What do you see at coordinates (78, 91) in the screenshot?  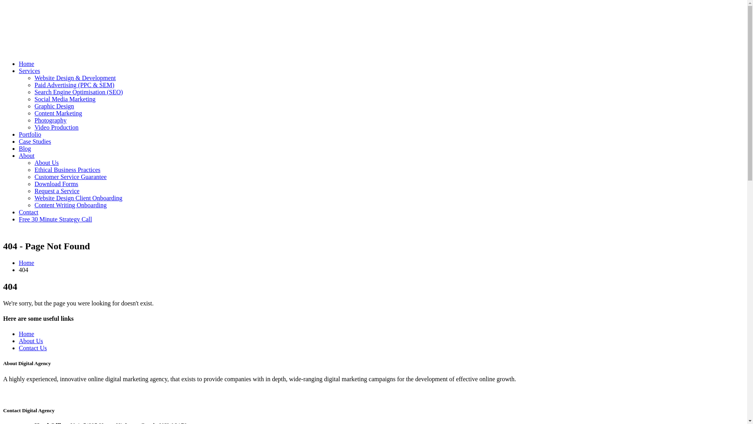 I see `'Search Engine Optimisation (SEO)'` at bounding box center [78, 91].